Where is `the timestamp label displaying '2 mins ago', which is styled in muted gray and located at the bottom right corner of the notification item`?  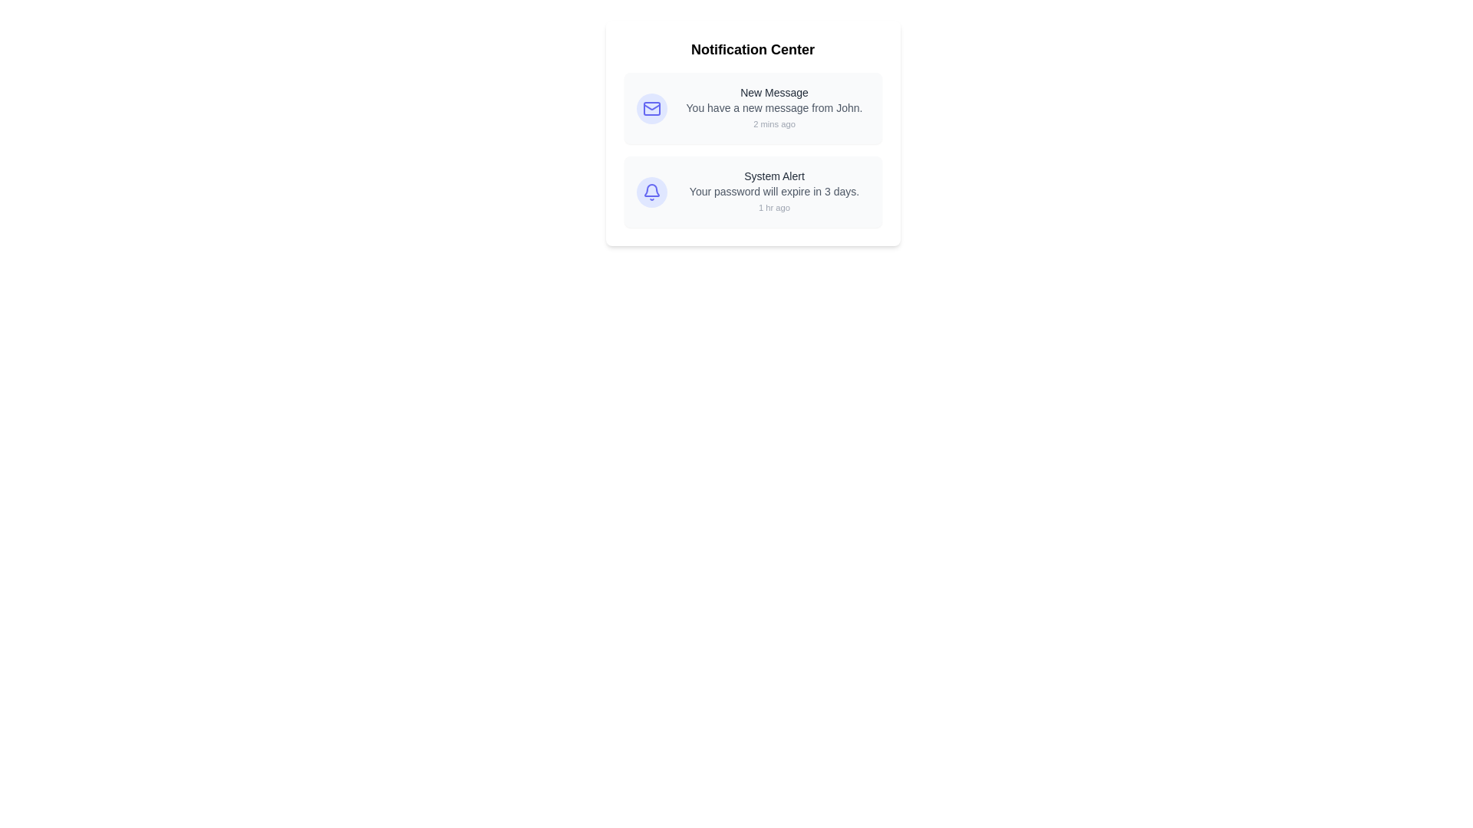
the timestamp label displaying '2 mins ago', which is styled in muted gray and located at the bottom right corner of the notification item is located at coordinates (774, 123).